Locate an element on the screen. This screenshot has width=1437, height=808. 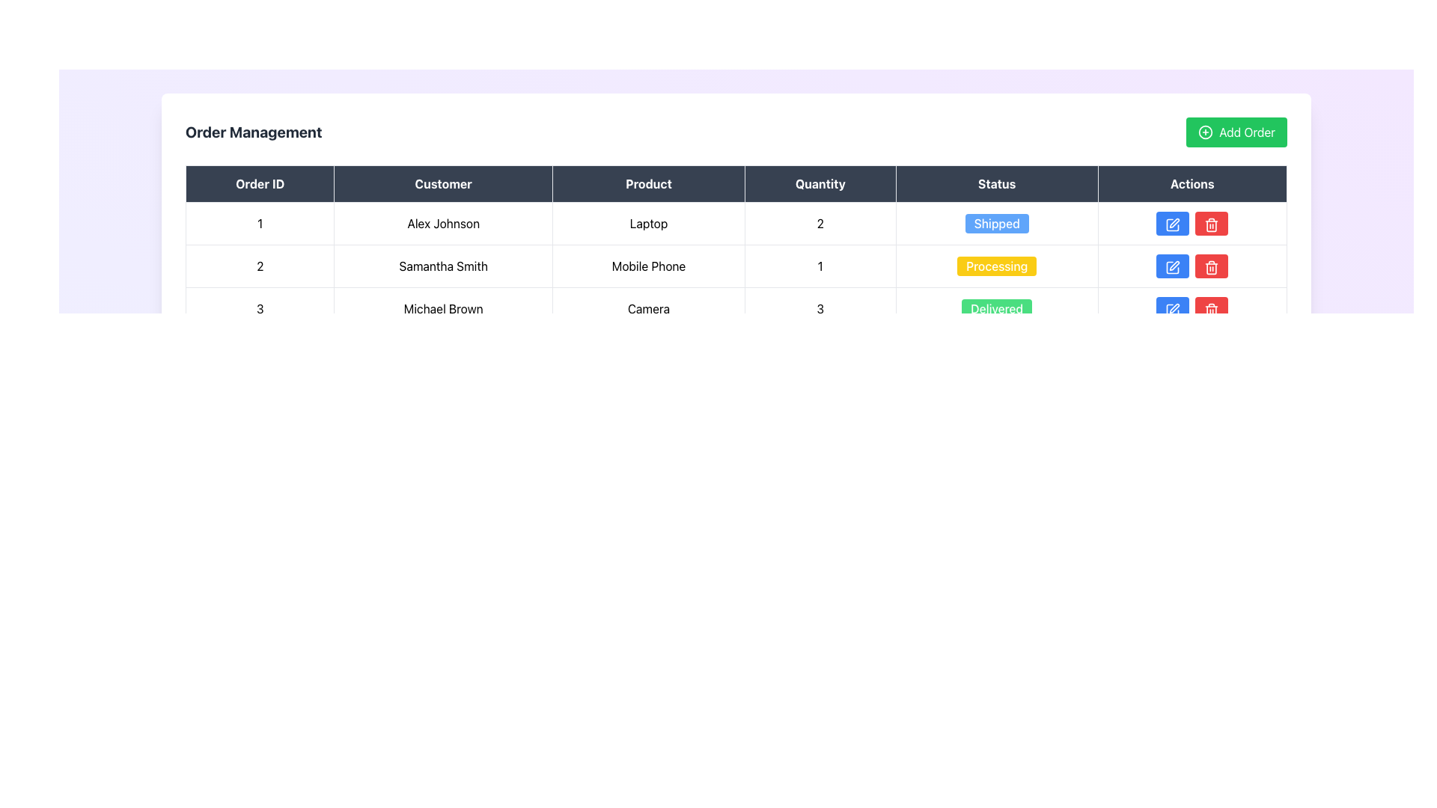
the 'Shipped' status indicator button in the first row of the order management table, located in the 'Status' column is located at coordinates (997, 224).